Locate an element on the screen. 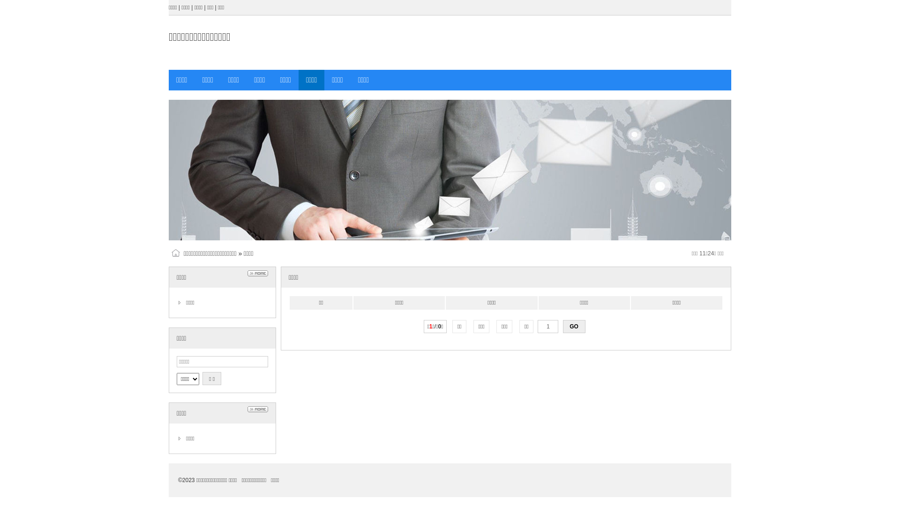 This screenshot has width=900, height=506. 'GO' is located at coordinates (562, 326).